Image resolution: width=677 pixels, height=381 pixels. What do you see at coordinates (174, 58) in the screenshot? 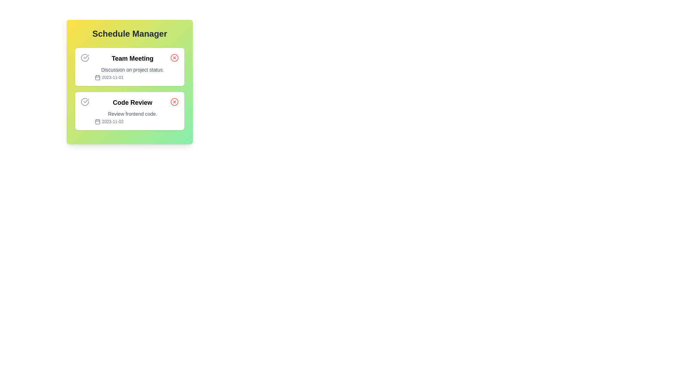
I see `the red circular button with an 'X' symbol inside it located at the top-right corner of the 'Team Meeting' card in the Schedule Manager interface to change its appearance` at bounding box center [174, 58].